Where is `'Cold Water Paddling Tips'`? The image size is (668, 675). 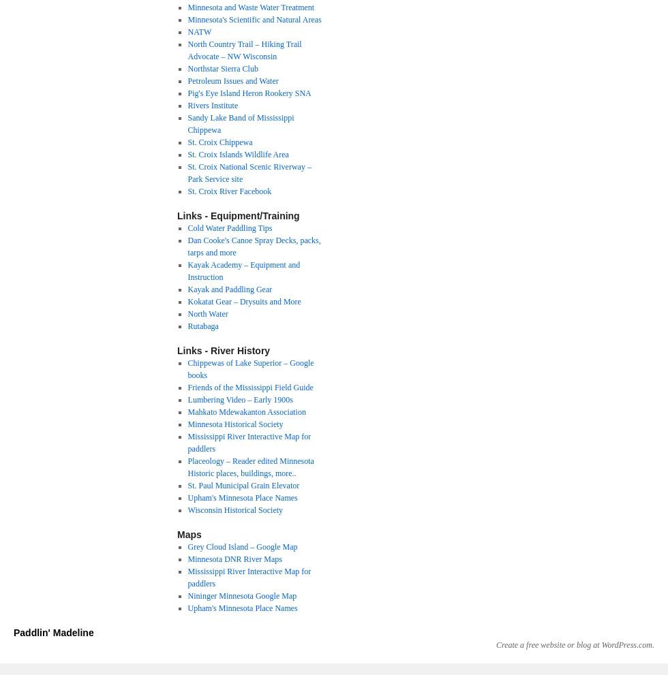
'Cold Water Paddling Tips' is located at coordinates (187, 227).